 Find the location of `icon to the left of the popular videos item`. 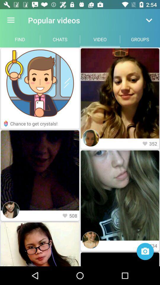

icon to the left of the popular videos item is located at coordinates (11, 20).